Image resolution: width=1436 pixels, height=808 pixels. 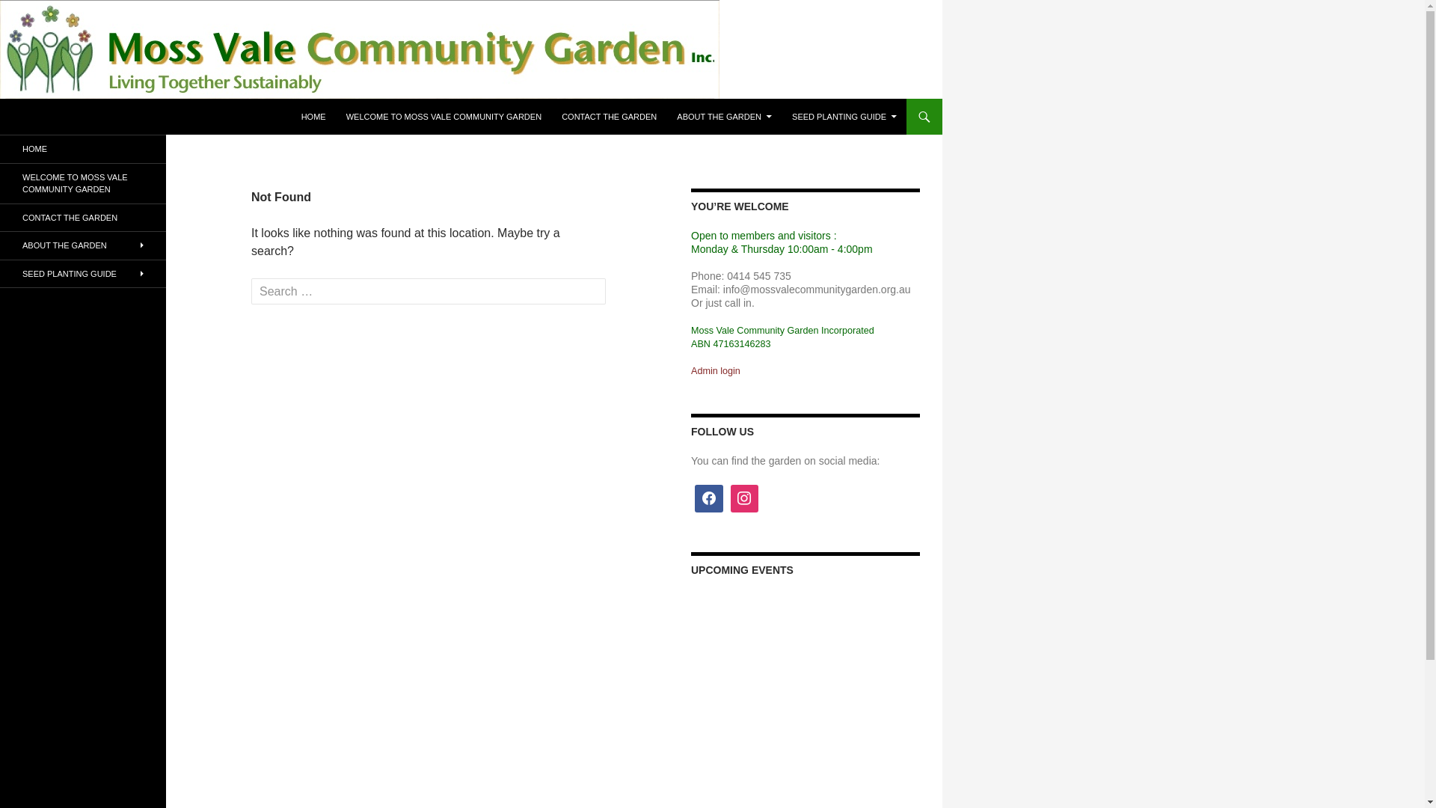 I want to click on 'CONTACT THE GARDEN', so click(x=0, y=217).